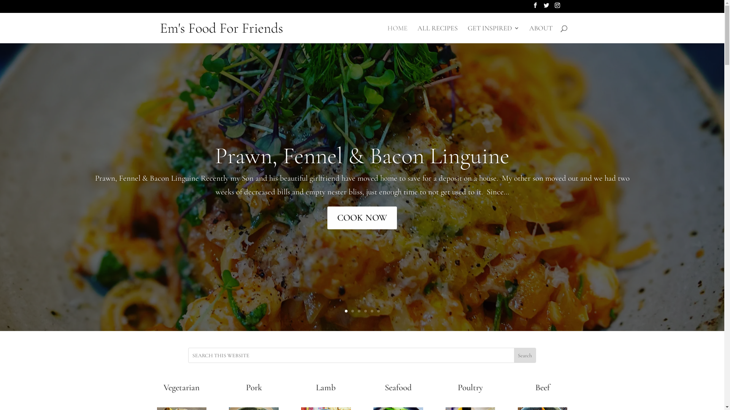 Image resolution: width=730 pixels, height=410 pixels. What do you see at coordinates (493, 33) in the screenshot?
I see `'GET INSPIRED'` at bounding box center [493, 33].